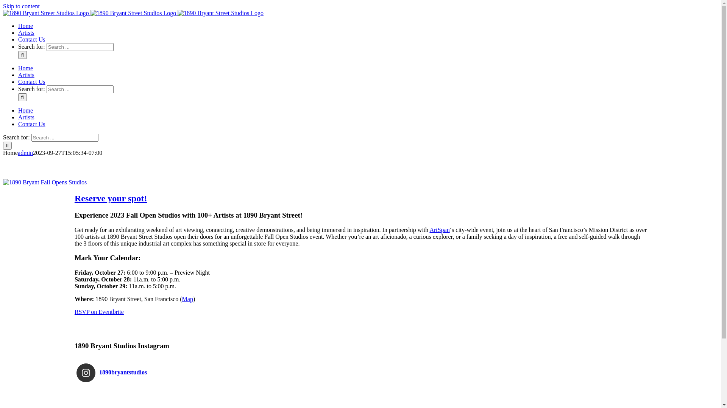 Image resolution: width=727 pixels, height=408 pixels. Describe the element at coordinates (439, 229) in the screenshot. I see `'ArtSpan'` at that location.